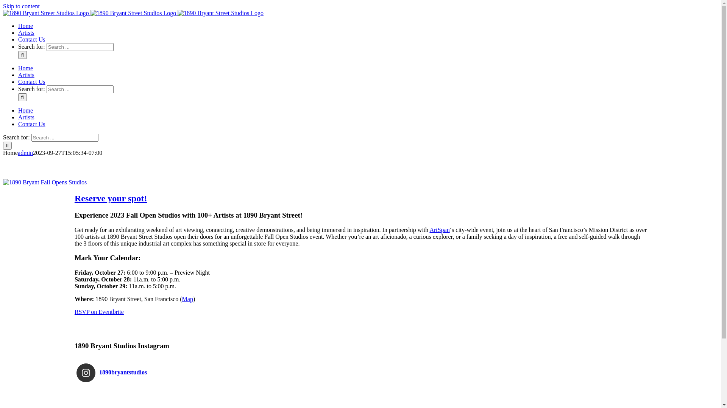 Image resolution: width=727 pixels, height=408 pixels. Describe the element at coordinates (439, 229) in the screenshot. I see `'ArtSpan'` at that location.